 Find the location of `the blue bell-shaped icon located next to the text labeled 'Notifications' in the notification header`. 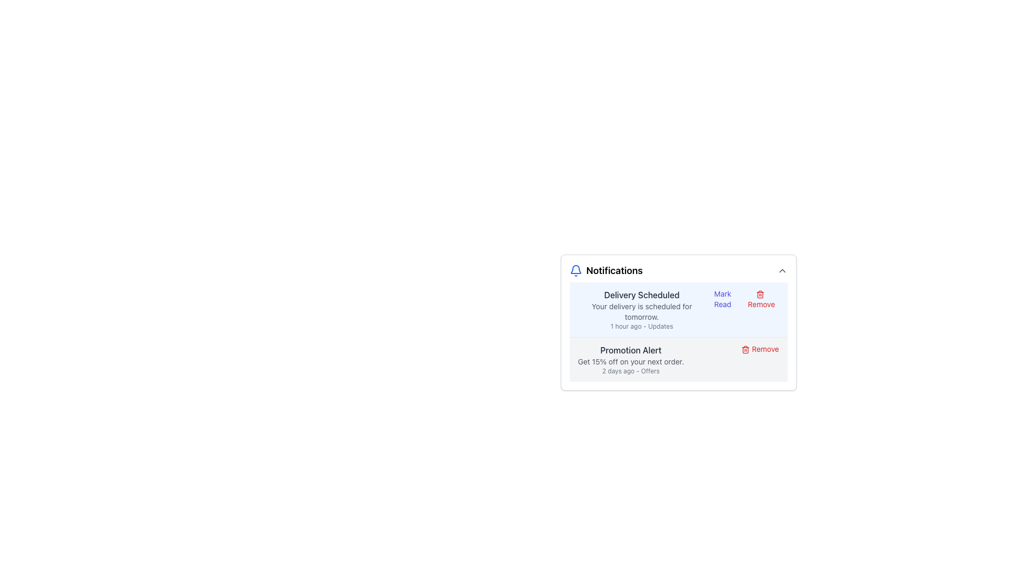

the blue bell-shaped icon located next to the text labeled 'Notifications' in the notification header is located at coordinates (575, 270).